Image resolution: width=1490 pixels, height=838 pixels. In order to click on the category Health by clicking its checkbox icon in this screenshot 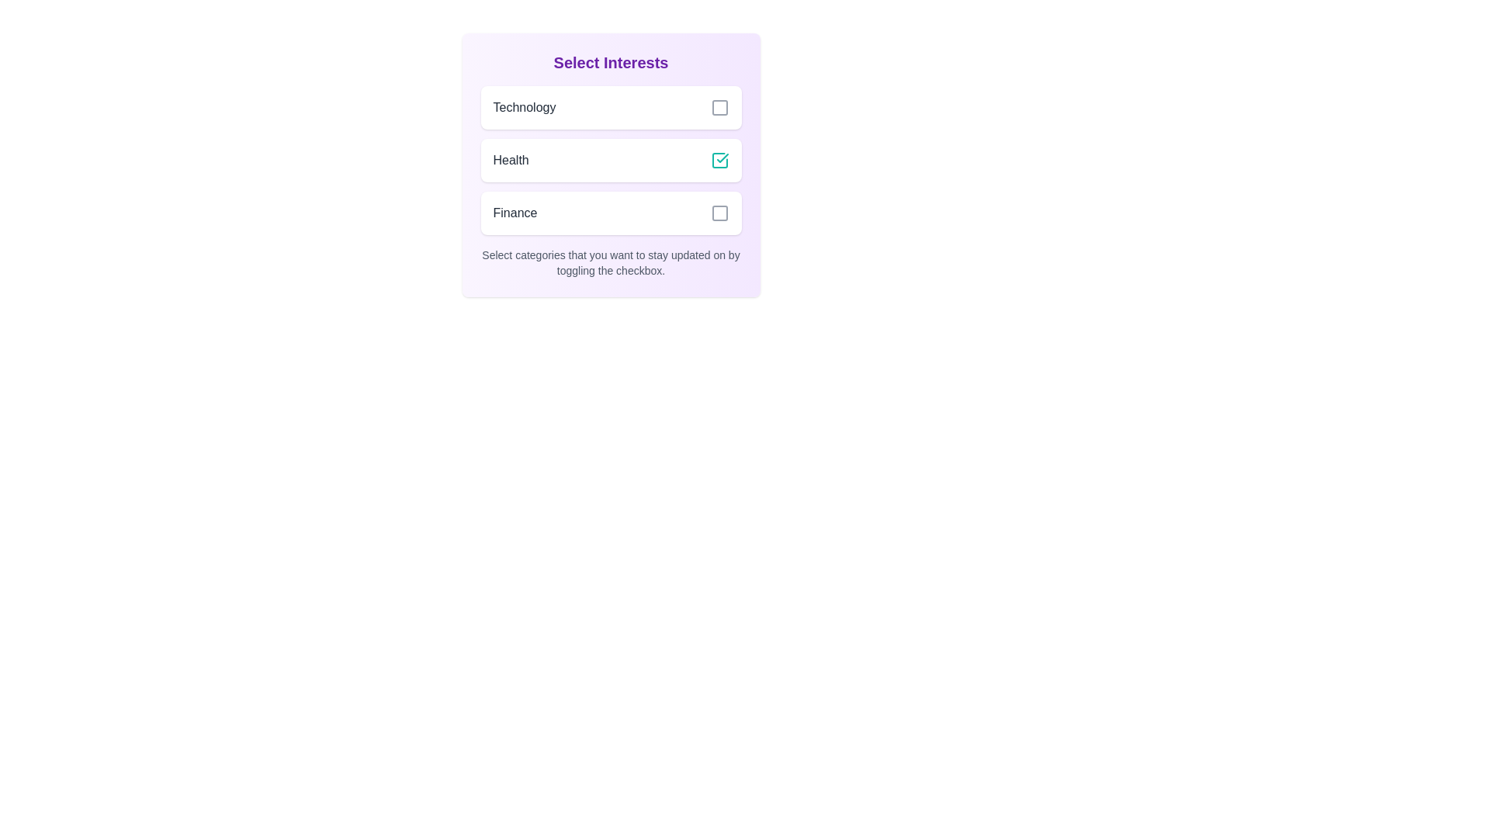, I will do `click(719, 161)`.